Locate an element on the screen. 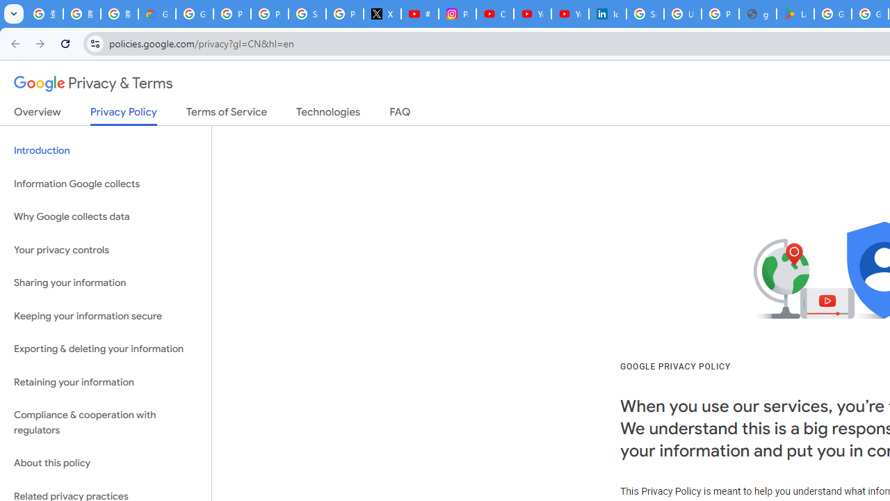  'Identity verification via Persona | LinkedIn Help' is located at coordinates (608, 14).